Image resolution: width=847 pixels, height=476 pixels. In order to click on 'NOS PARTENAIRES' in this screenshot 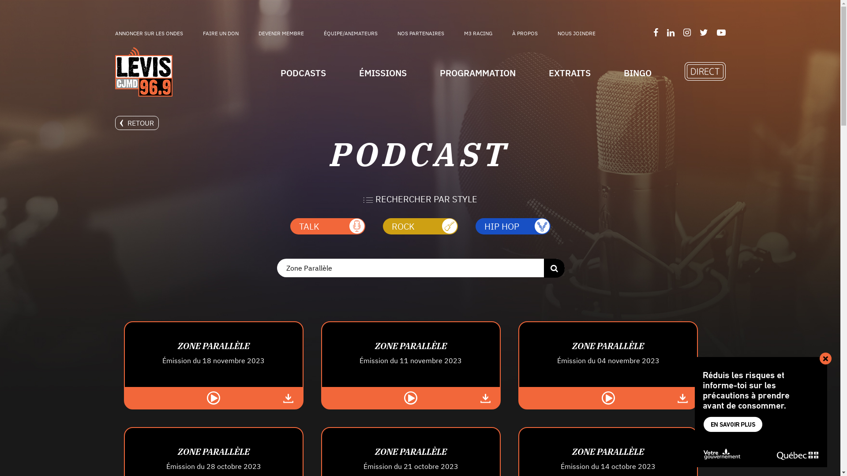, I will do `click(397, 33)`.